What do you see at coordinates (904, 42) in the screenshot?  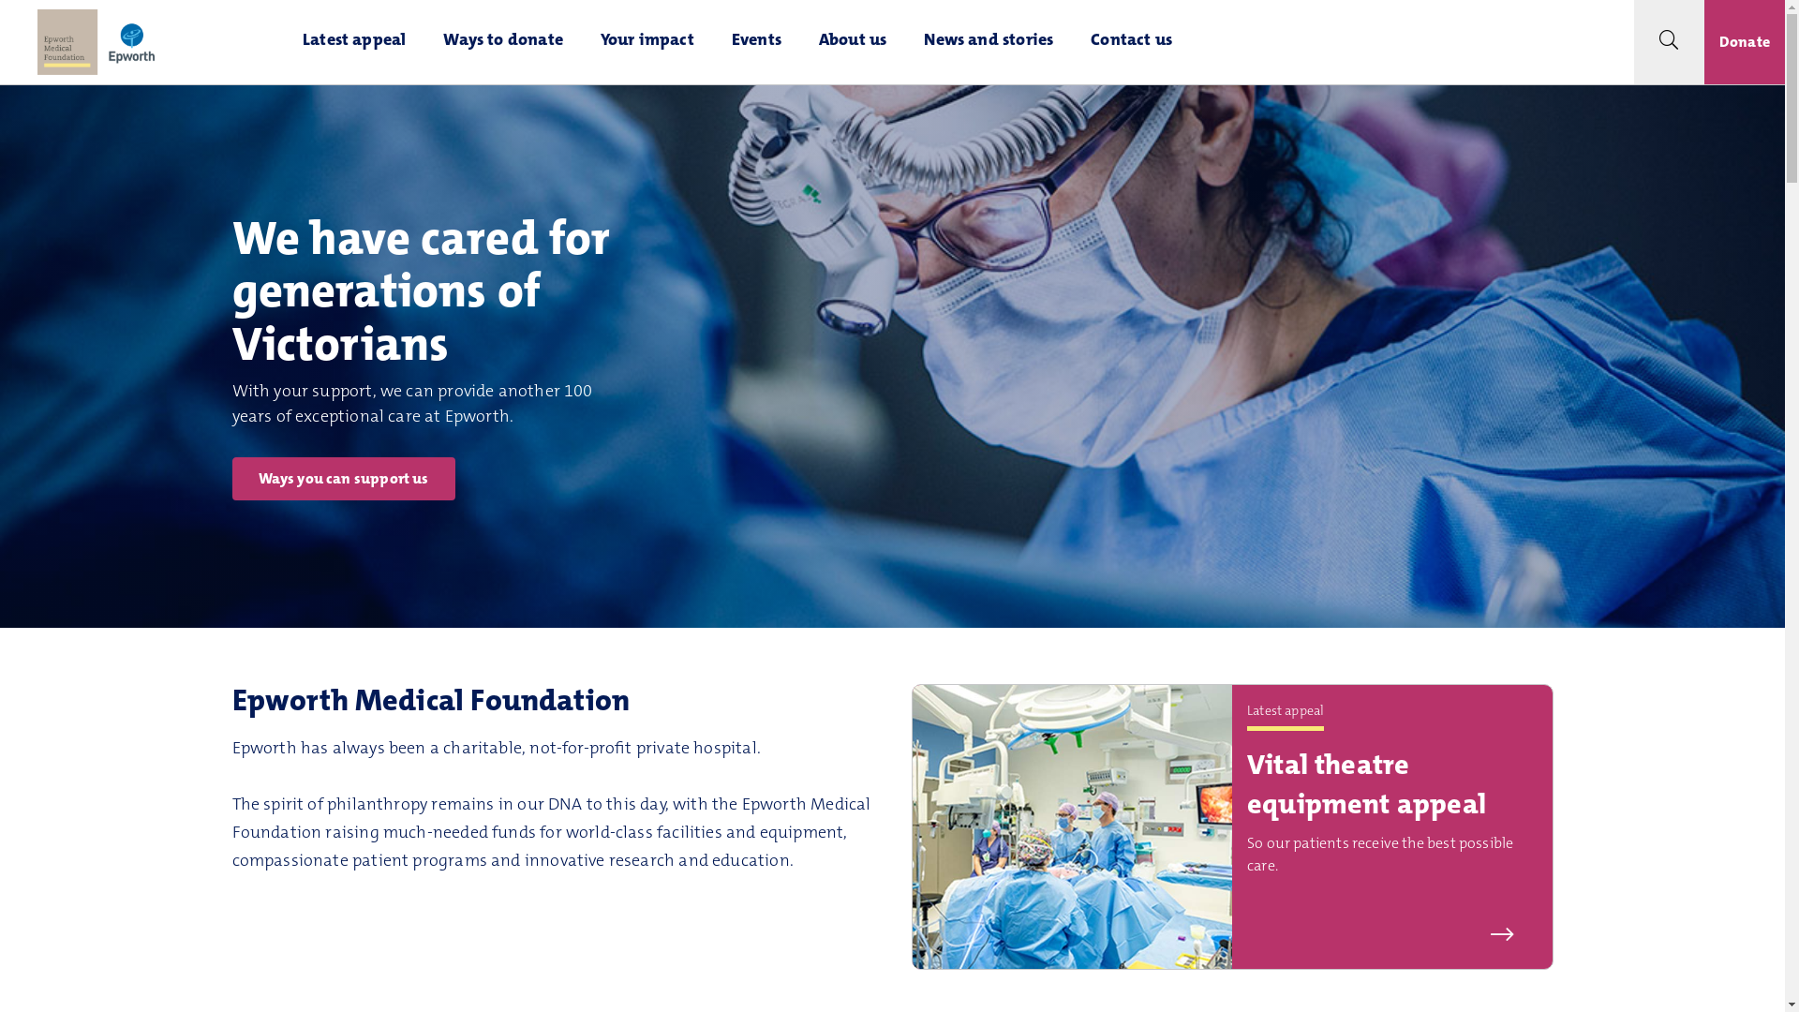 I see `'News and stories'` at bounding box center [904, 42].